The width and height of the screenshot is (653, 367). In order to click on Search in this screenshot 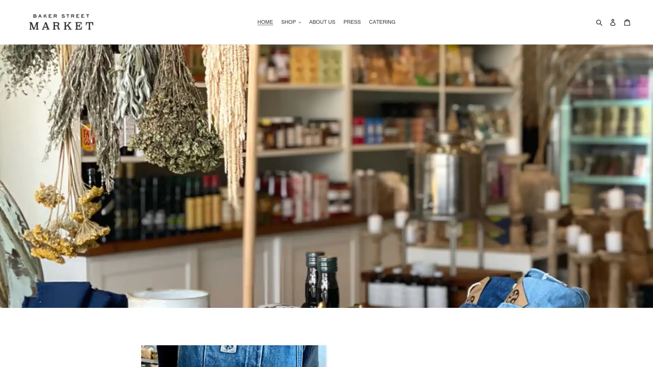, I will do `click(600, 21)`.